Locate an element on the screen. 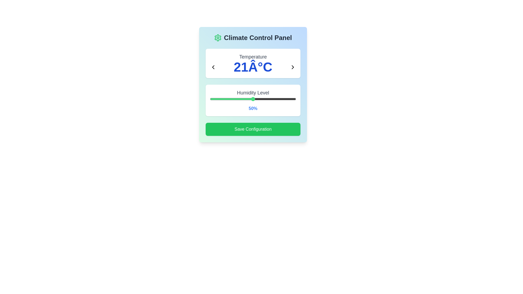 The image size is (523, 294). the humidity slider to 96% is located at coordinates (292, 99).